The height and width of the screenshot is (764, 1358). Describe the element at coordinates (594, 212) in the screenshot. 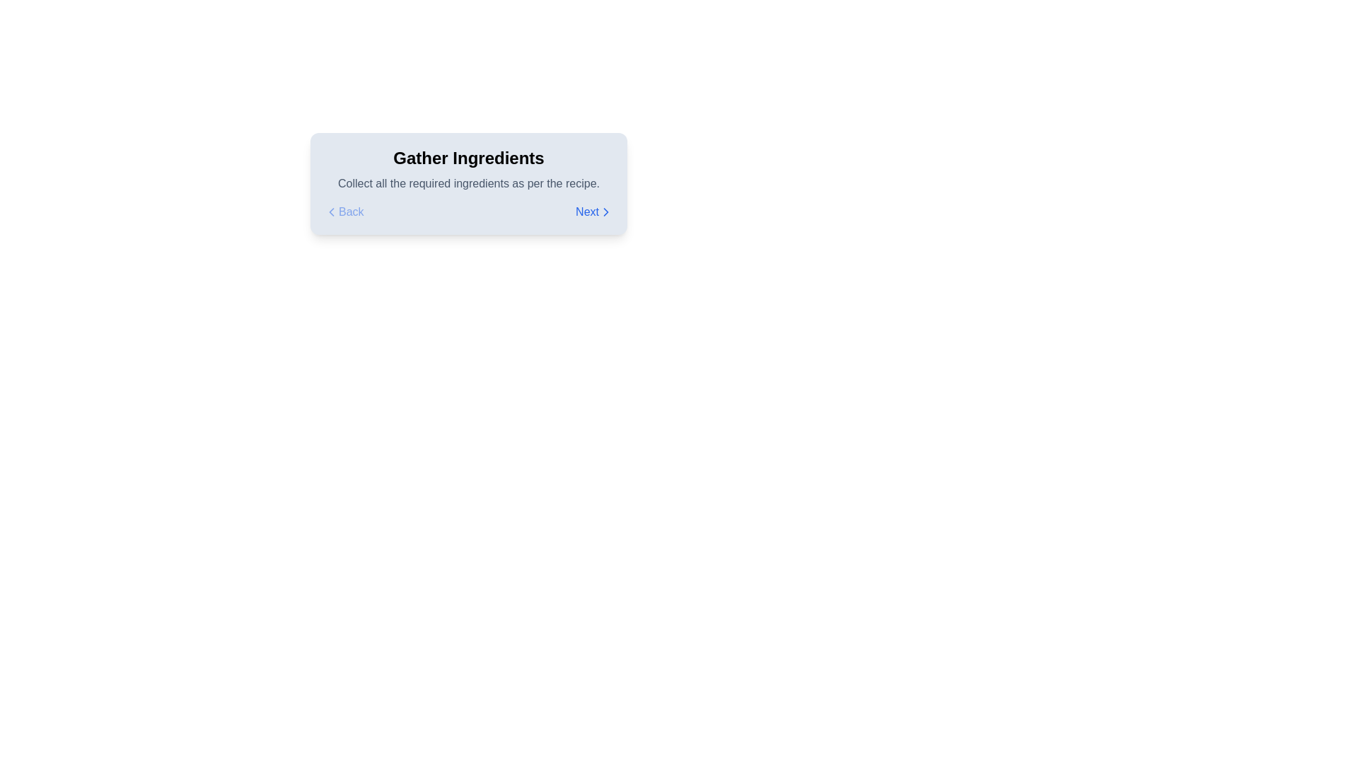

I see `the navigation button located at the bottom right of the card component` at that location.